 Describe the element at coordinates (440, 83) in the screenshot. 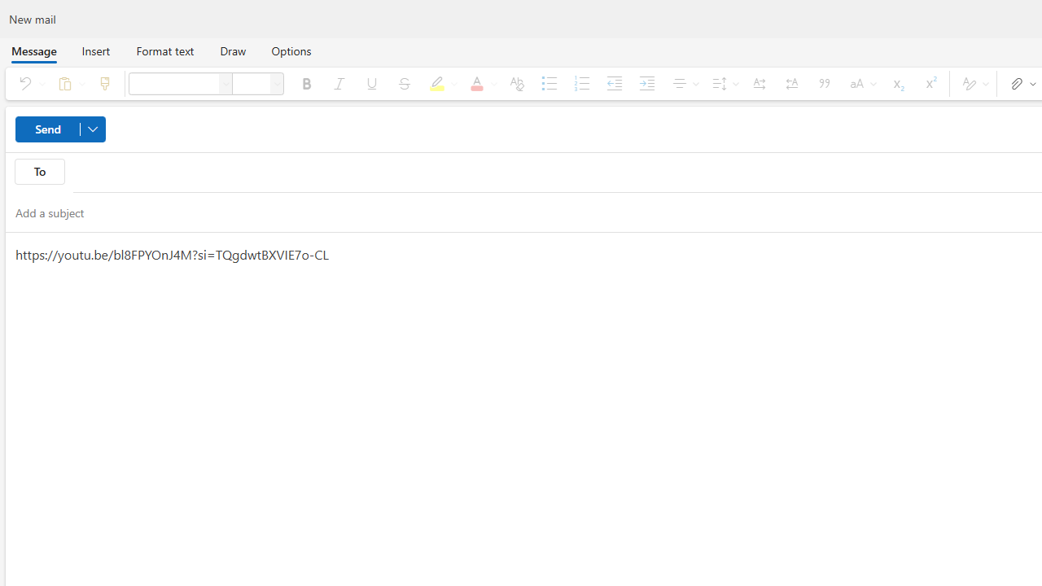

I see `'Text highlight color'` at that location.